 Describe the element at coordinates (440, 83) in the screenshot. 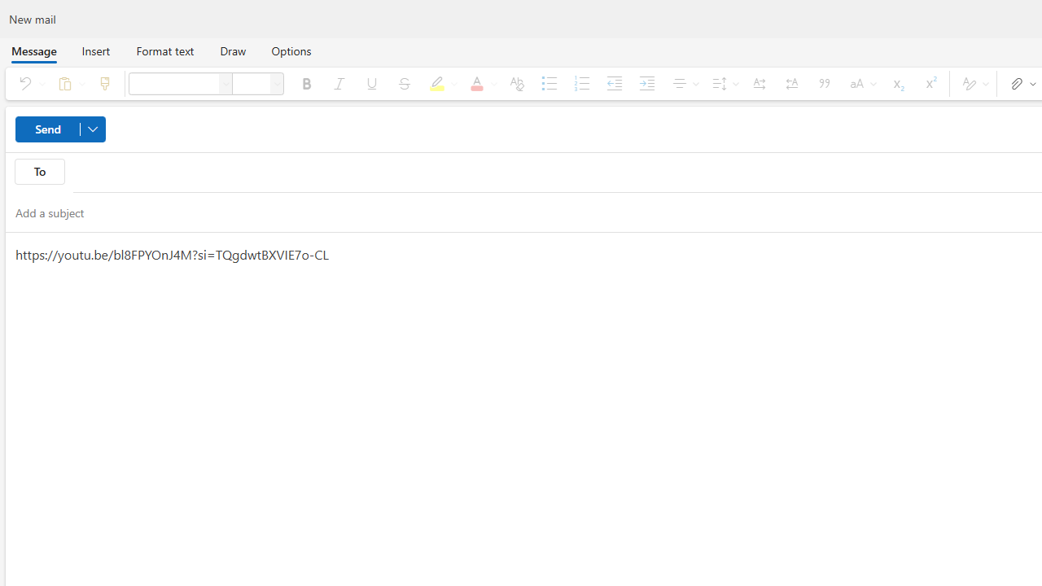

I see `'Text highlight color'` at that location.